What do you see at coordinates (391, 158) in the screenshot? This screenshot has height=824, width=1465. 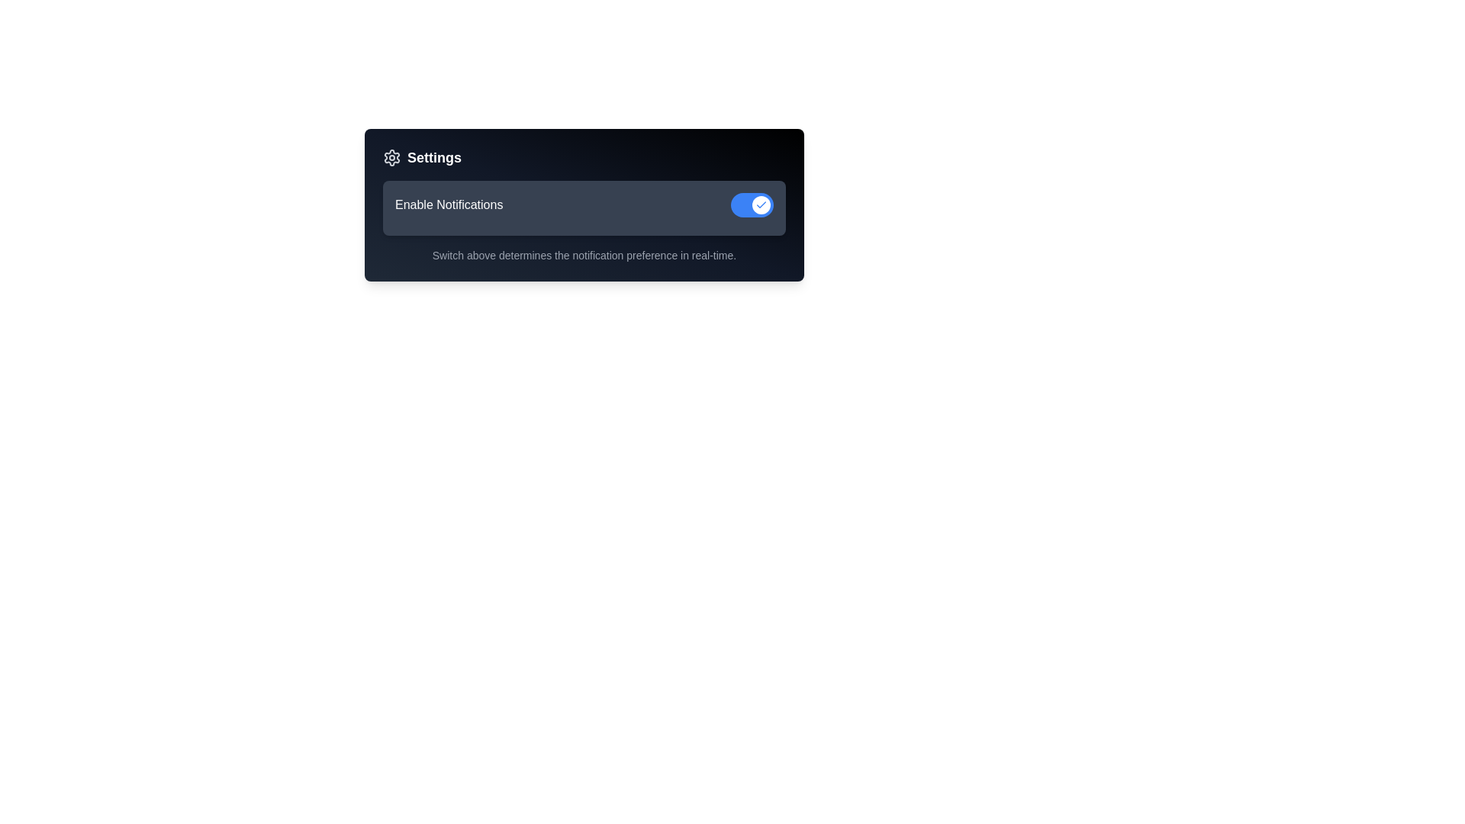 I see `the gear icon in the top-left corner of the 'Settings' panel` at bounding box center [391, 158].